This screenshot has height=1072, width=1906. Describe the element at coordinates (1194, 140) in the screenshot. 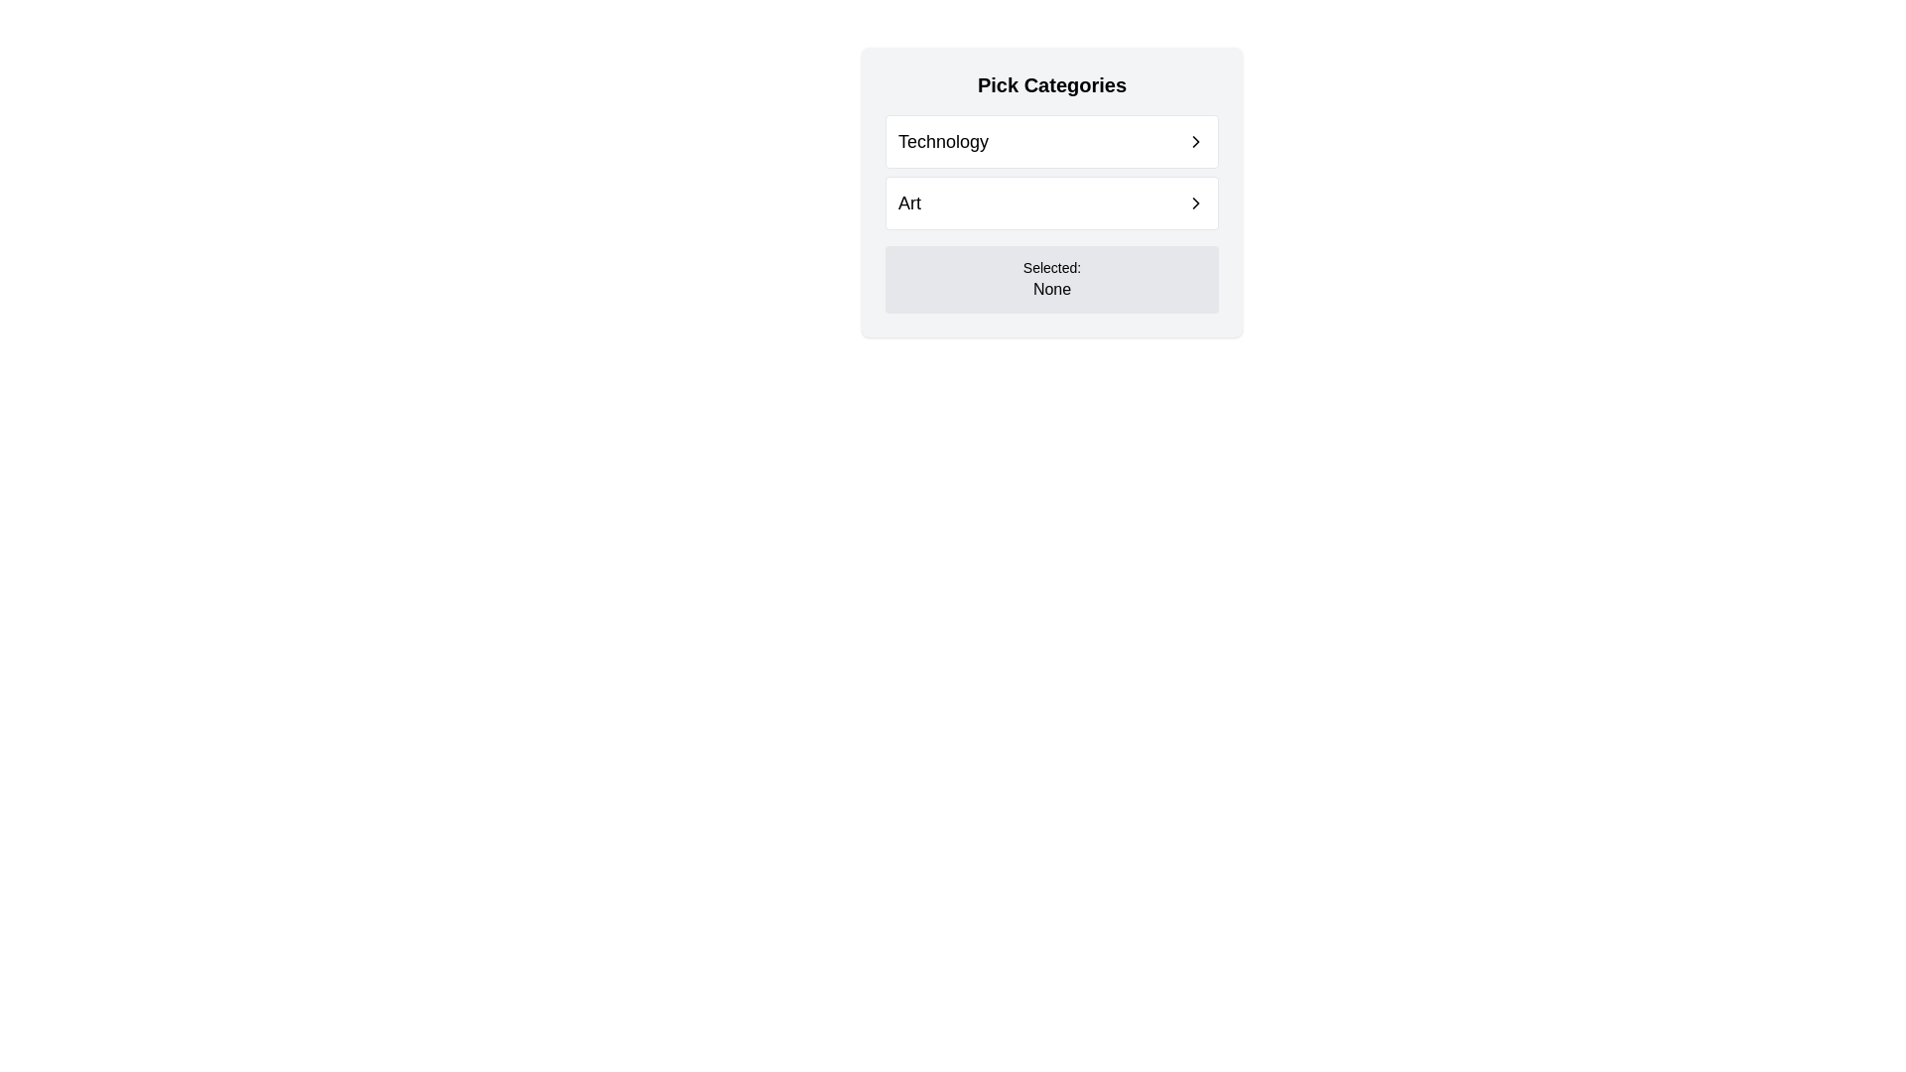

I see `the right-pointing chevron icon in the 'Technology' row of the 'Pick Categories' interface panel` at that location.